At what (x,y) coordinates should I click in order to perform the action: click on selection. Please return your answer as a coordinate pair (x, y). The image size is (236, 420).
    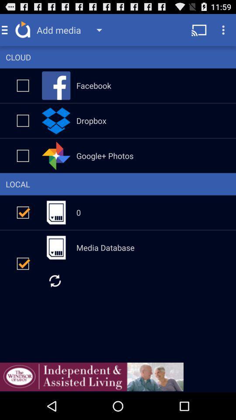
    Looking at the image, I should click on (23, 85).